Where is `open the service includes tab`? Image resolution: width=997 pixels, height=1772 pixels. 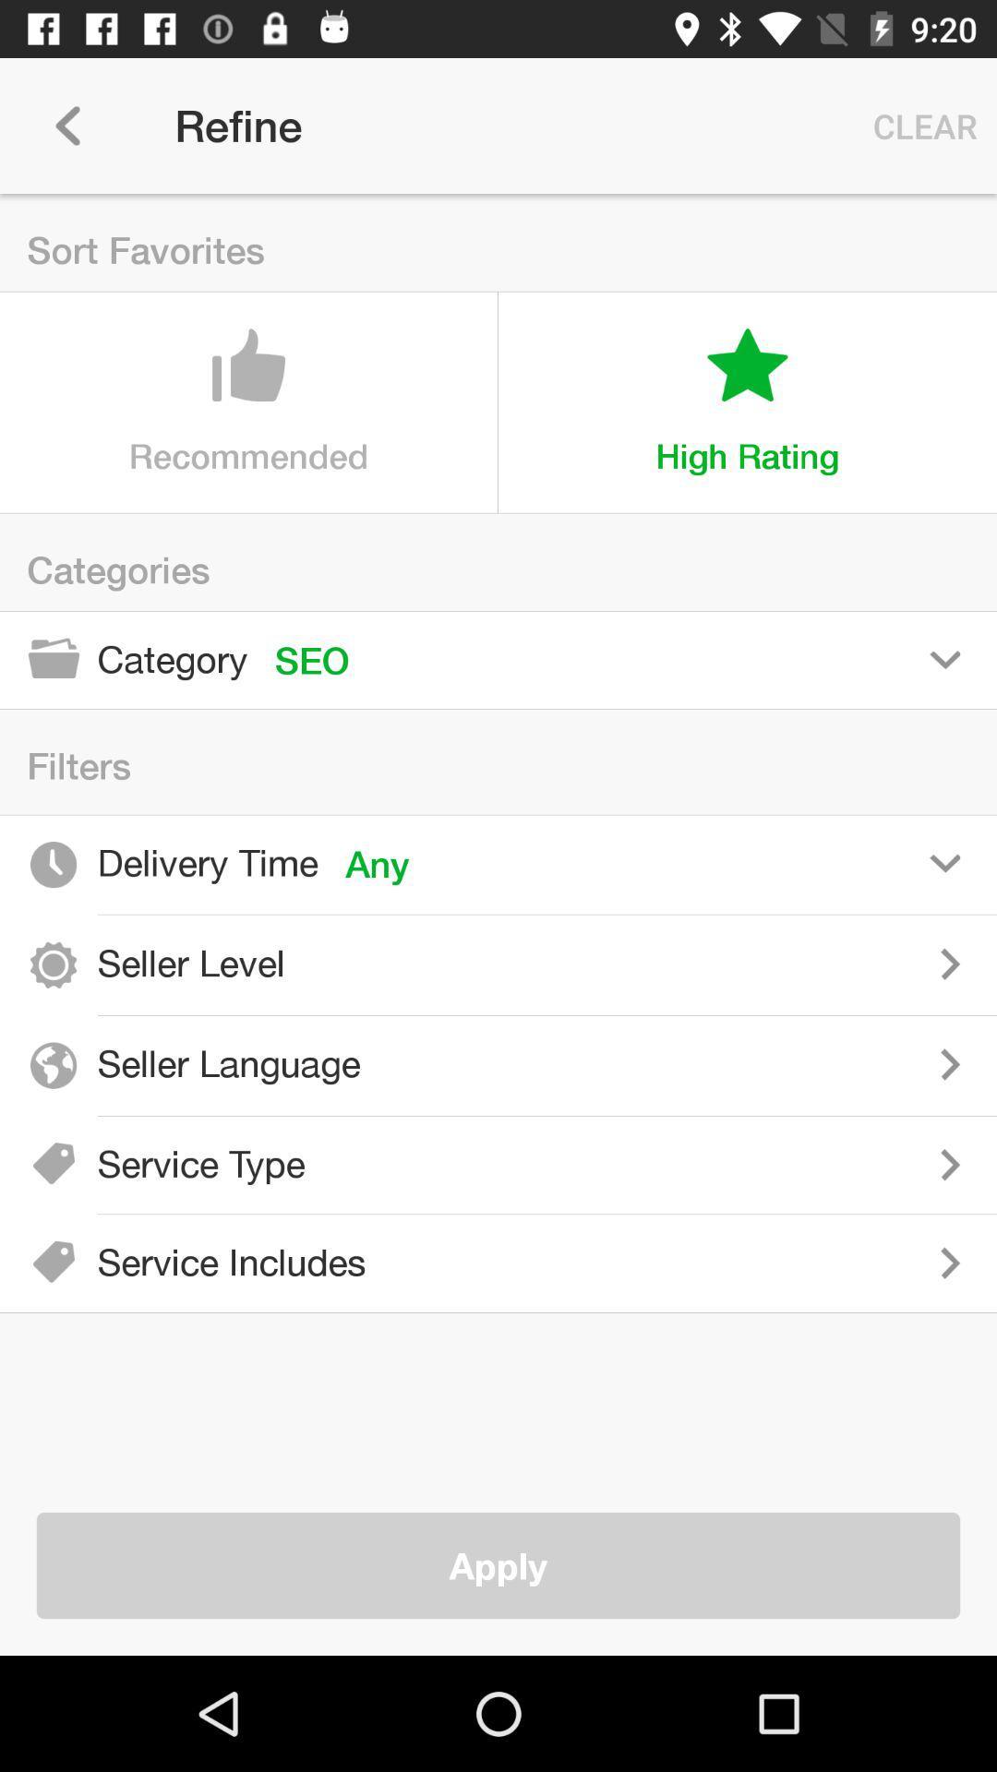 open the service includes tab is located at coordinates (694, 1262).